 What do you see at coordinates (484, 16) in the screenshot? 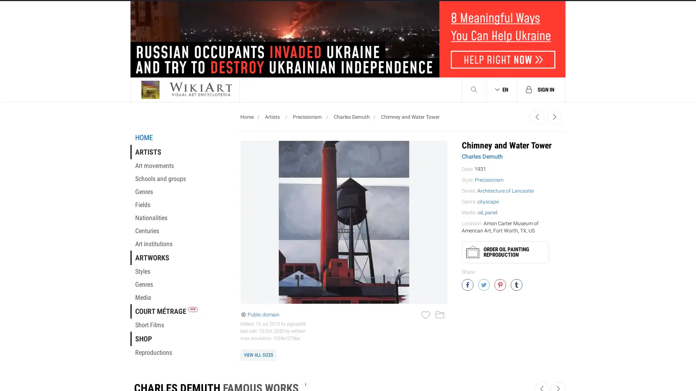
I see `Close form` at bounding box center [484, 16].